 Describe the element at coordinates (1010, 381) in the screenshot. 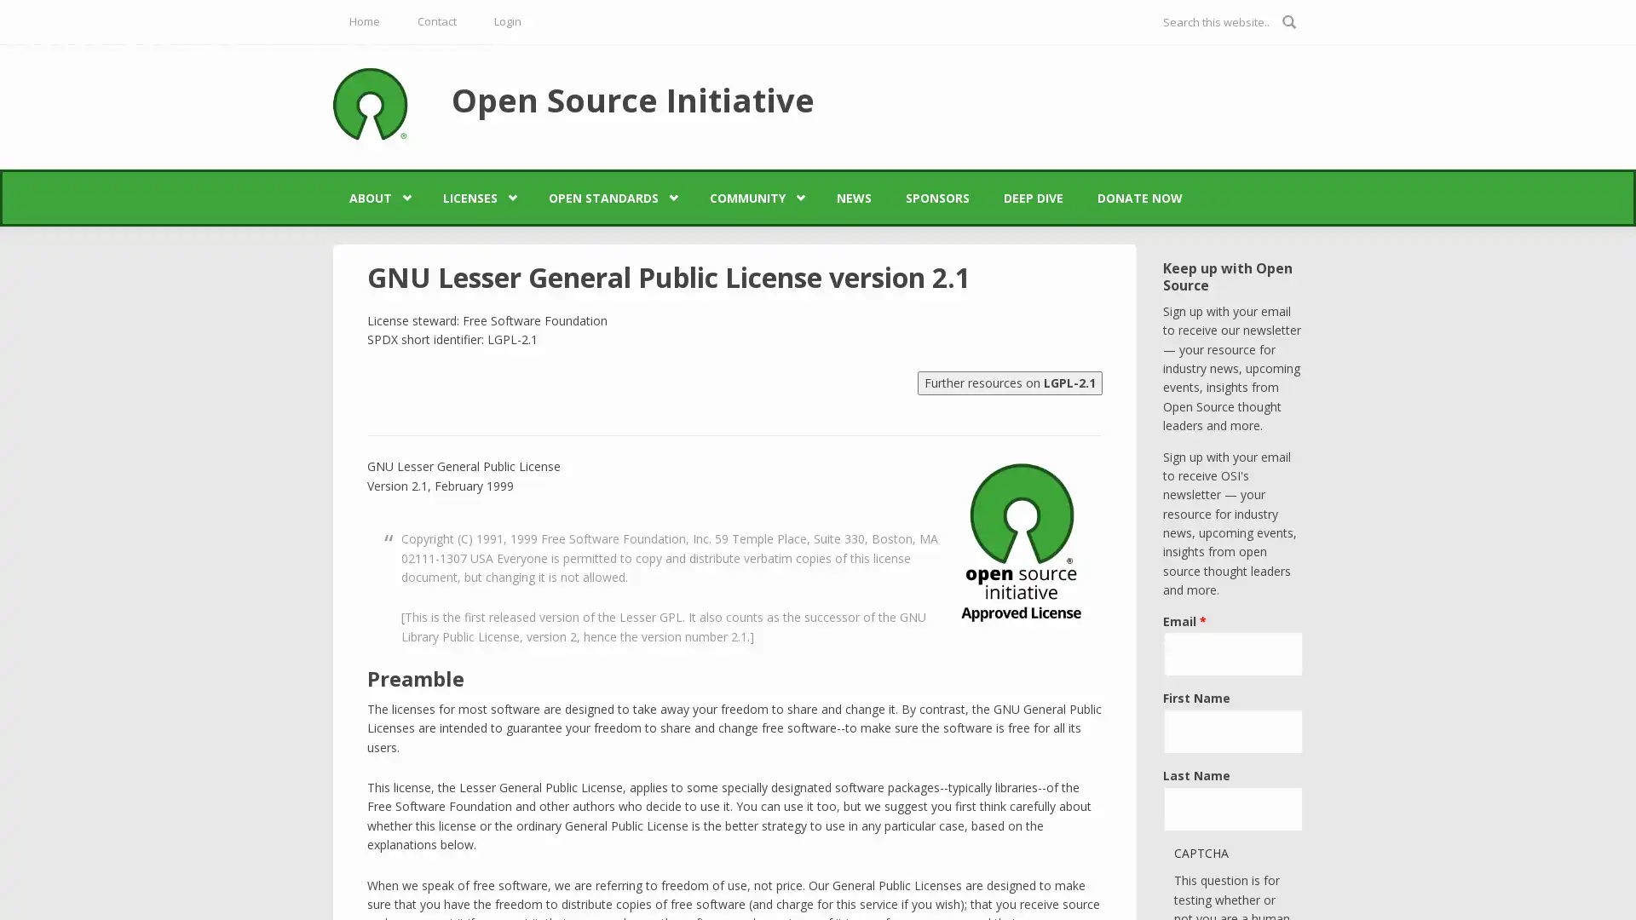

I see `Further resources on LGPL-2.1` at that location.